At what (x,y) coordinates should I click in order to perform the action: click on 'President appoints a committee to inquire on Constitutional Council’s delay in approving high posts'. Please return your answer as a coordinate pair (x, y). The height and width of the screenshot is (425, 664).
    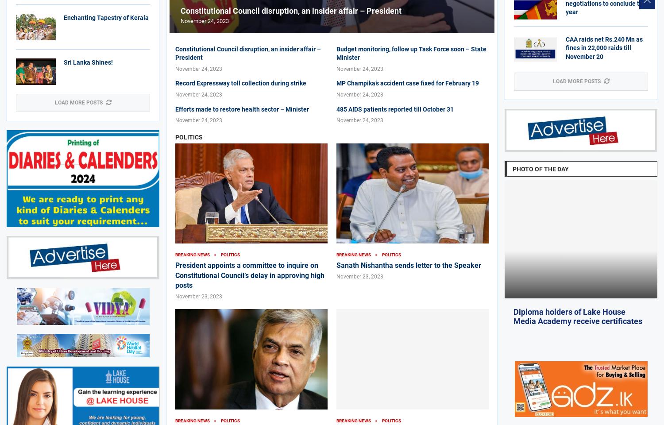
    Looking at the image, I should click on (175, 274).